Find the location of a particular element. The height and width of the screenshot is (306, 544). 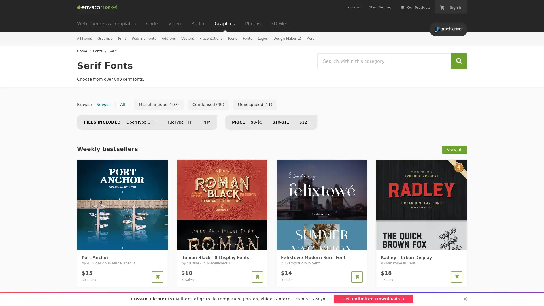

Add to collection is located at coordinates (345, 242).